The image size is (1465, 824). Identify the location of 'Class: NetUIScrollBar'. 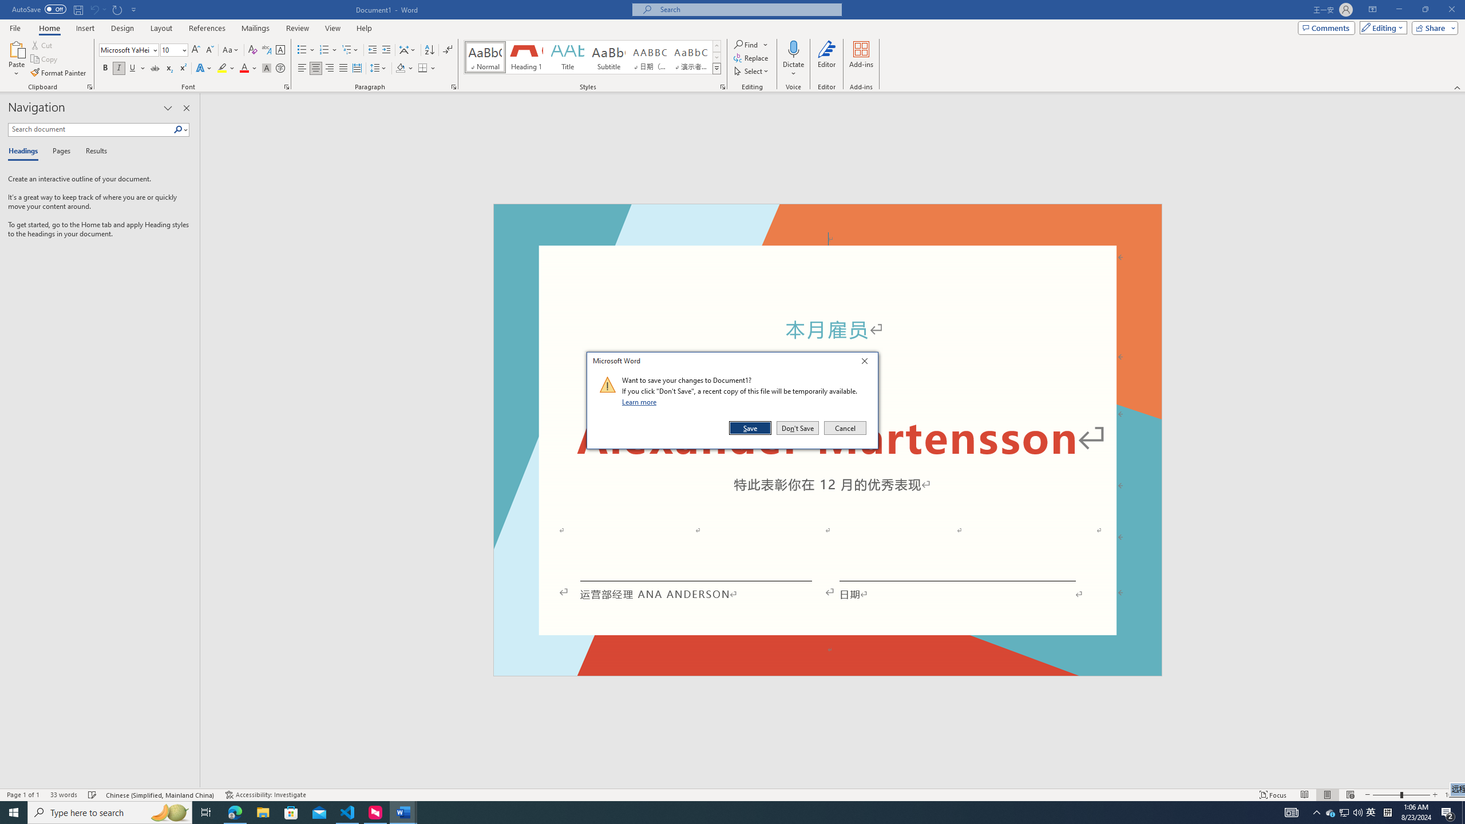
(1460, 440).